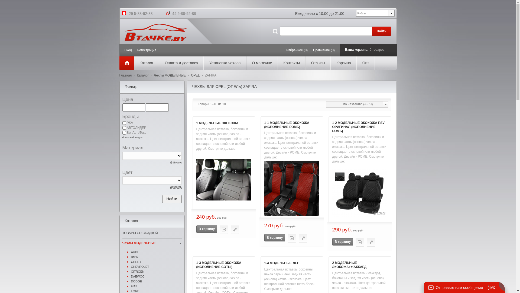 This screenshot has height=293, width=520. I want to click on 'BMW', so click(156, 257).